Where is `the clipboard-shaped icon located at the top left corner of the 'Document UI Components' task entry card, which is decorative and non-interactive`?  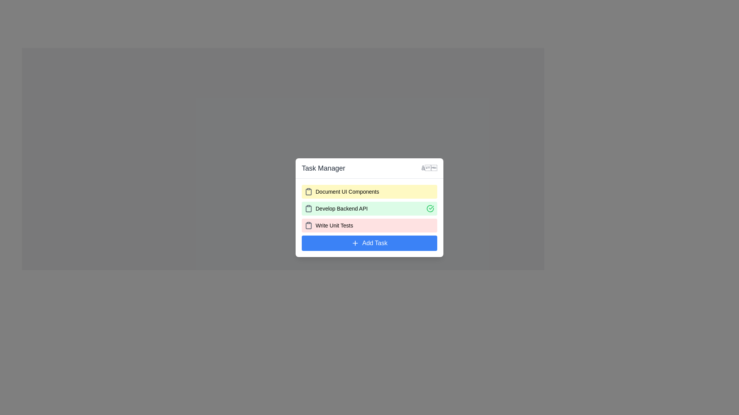
the clipboard-shaped icon located at the top left corner of the 'Document UI Components' task entry card, which is decorative and non-interactive is located at coordinates (308, 191).